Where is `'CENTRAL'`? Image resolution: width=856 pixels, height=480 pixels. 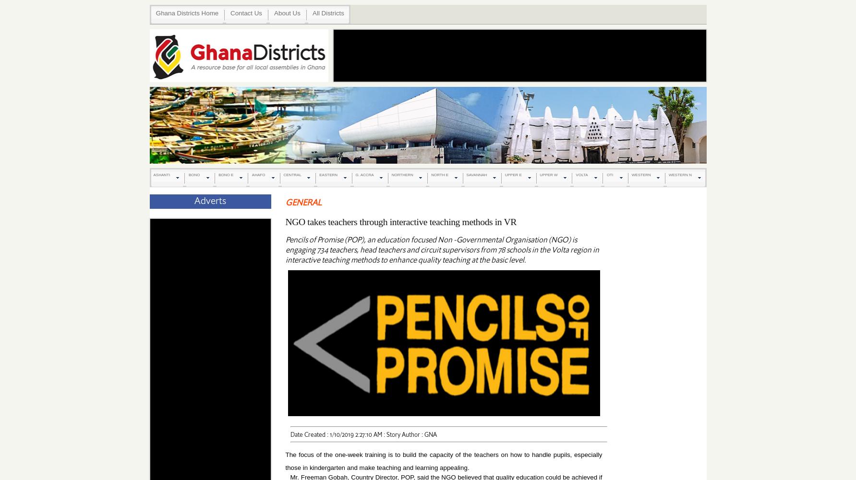 'CENTRAL' is located at coordinates (292, 174).